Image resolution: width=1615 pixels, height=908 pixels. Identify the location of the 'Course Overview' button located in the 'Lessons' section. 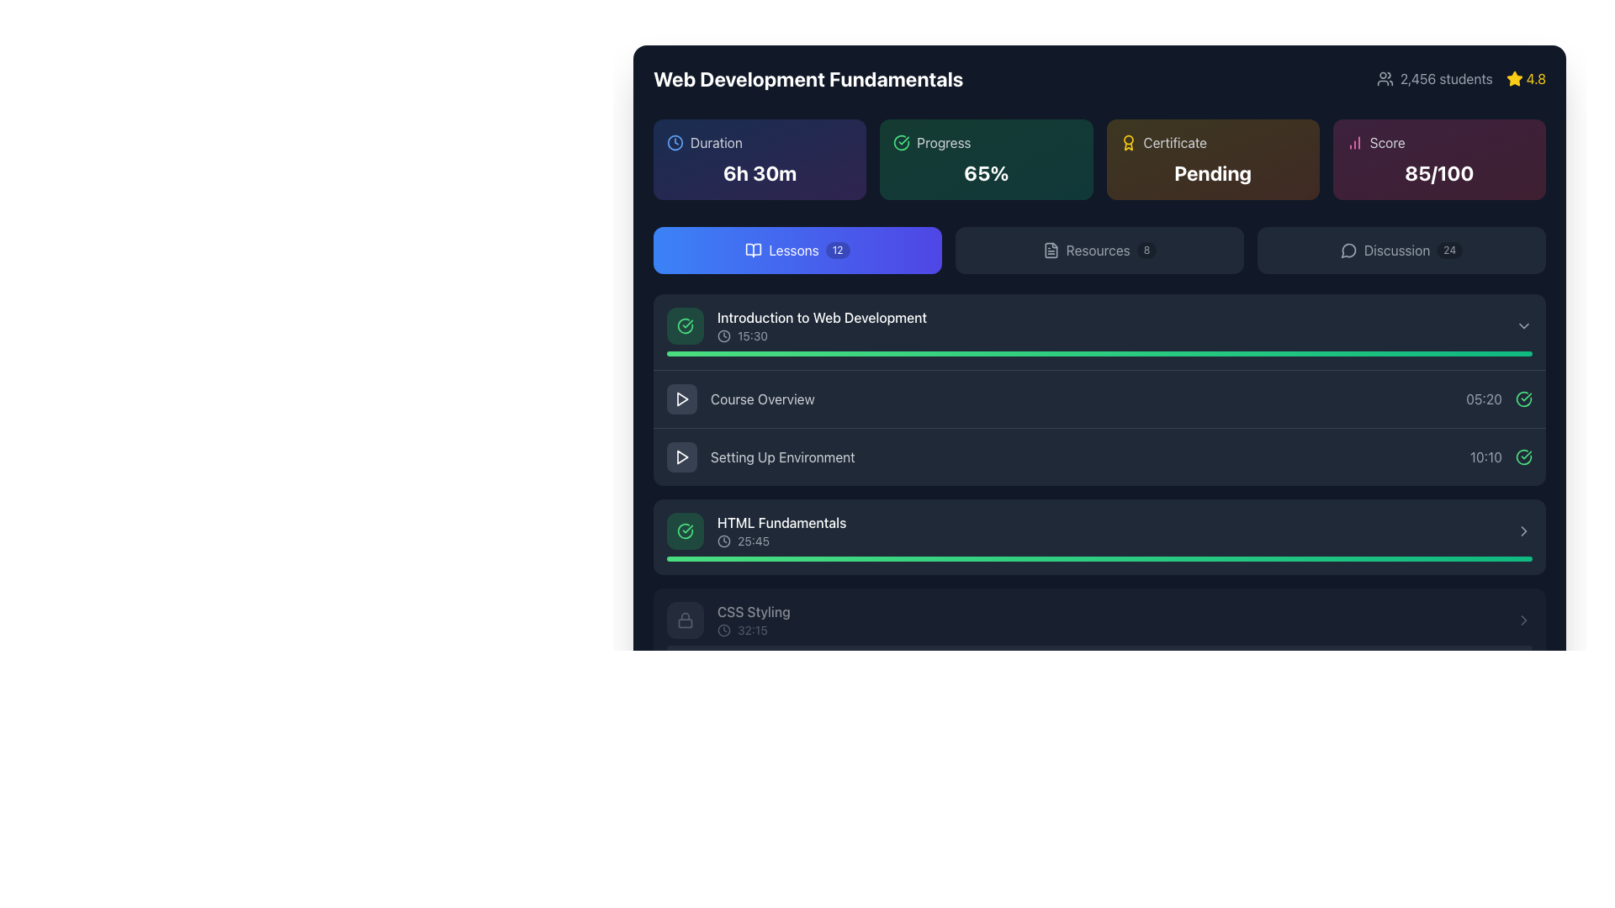
(740, 399).